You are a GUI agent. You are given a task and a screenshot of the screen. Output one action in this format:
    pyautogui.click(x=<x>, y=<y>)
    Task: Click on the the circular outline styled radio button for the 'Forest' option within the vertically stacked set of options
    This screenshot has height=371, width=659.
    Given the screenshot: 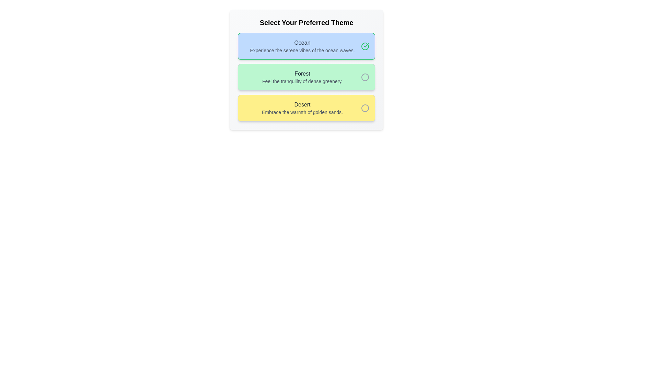 What is the action you would take?
    pyautogui.click(x=365, y=77)
    